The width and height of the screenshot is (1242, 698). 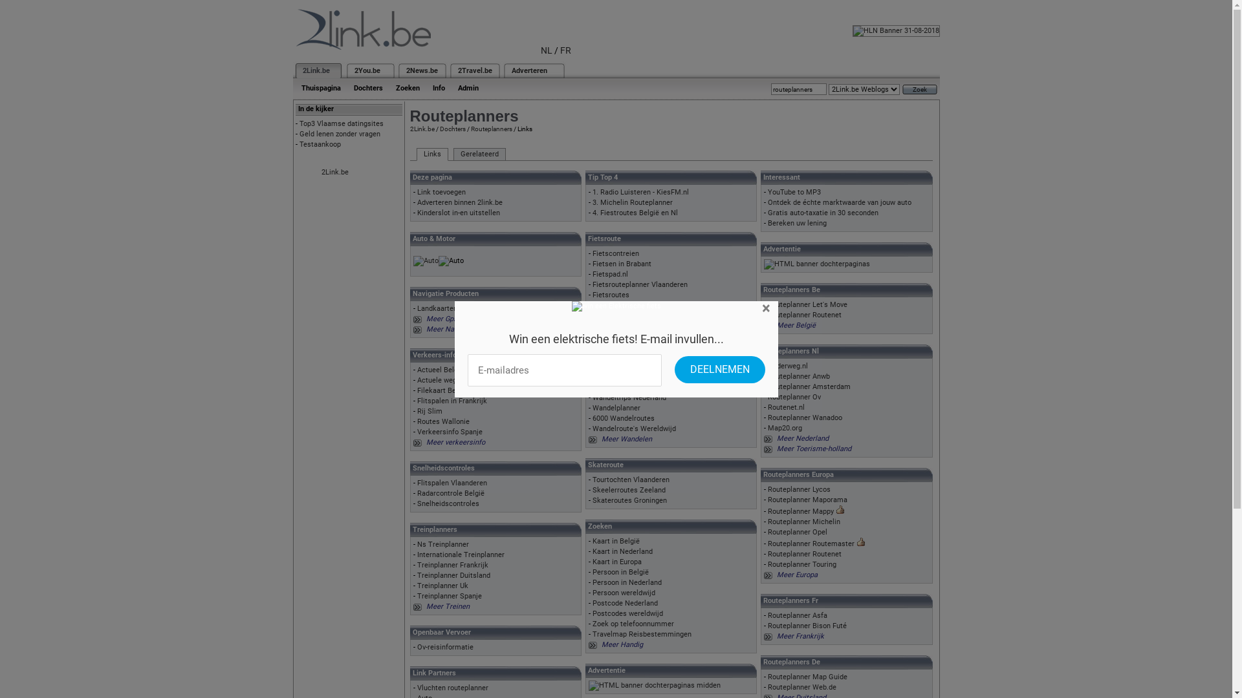 What do you see at coordinates (592, 386) in the screenshot?
I see `'Wandelroutes Nederland'` at bounding box center [592, 386].